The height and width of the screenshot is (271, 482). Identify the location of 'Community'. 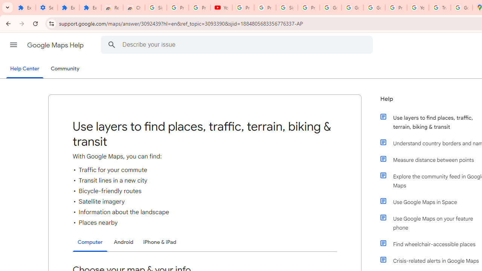
(65, 69).